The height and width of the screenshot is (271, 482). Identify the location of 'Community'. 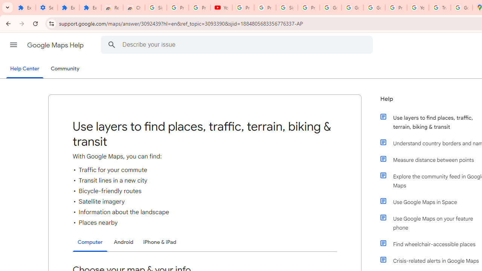
(65, 69).